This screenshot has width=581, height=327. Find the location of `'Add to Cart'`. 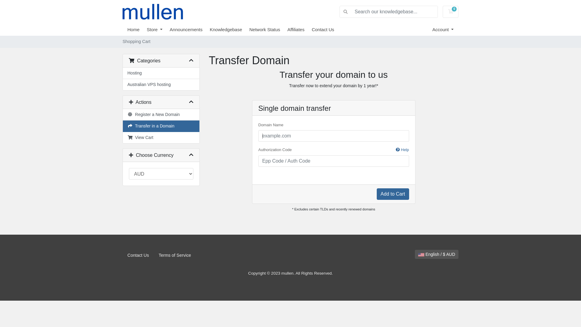

'Add to Cart' is located at coordinates (376, 194).